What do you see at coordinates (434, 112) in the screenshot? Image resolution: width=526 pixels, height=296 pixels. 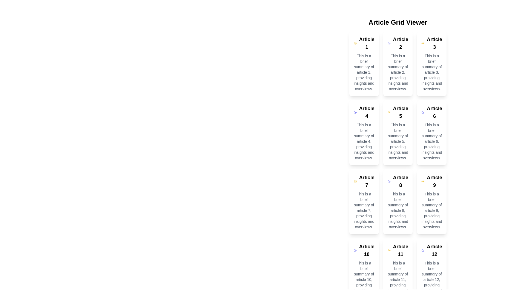 I see `the text label displaying 'Article 6'` at bounding box center [434, 112].